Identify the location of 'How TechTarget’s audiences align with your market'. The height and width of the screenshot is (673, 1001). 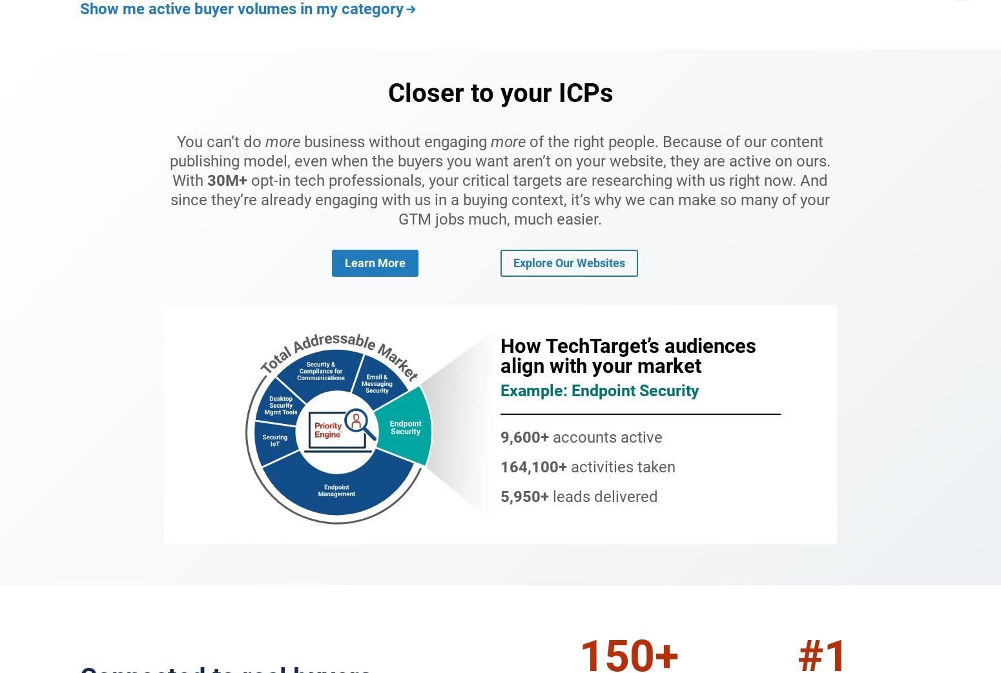
(627, 356).